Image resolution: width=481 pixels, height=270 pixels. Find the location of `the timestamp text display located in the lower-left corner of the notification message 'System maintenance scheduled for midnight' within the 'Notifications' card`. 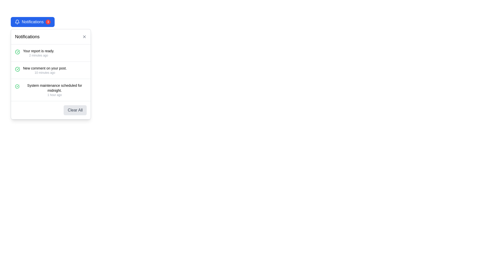

the timestamp text display located in the lower-left corner of the notification message 'System maintenance scheduled for midnight' within the 'Notifications' card is located at coordinates (55, 95).